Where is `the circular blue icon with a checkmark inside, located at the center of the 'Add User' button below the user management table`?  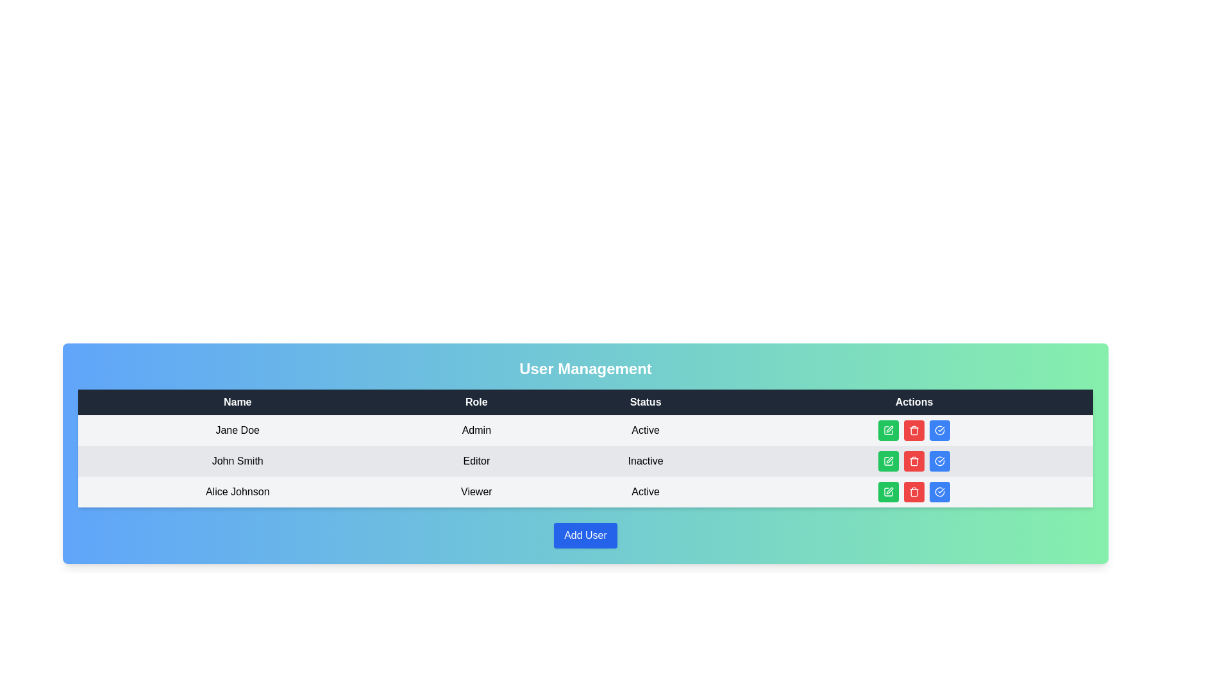
the circular blue icon with a checkmark inside, located at the center of the 'Add User' button below the user management table is located at coordinates (939, 491).